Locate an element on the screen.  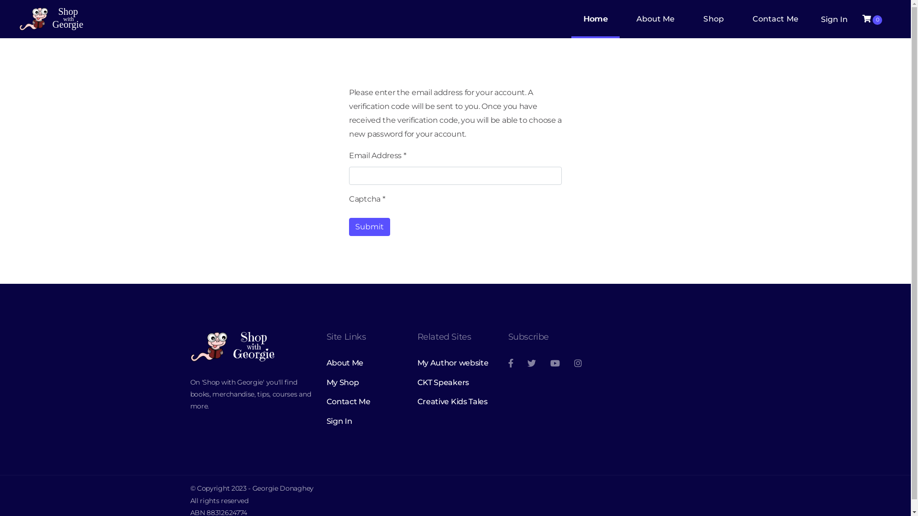
'Home' is located at coordinates (571, 19).